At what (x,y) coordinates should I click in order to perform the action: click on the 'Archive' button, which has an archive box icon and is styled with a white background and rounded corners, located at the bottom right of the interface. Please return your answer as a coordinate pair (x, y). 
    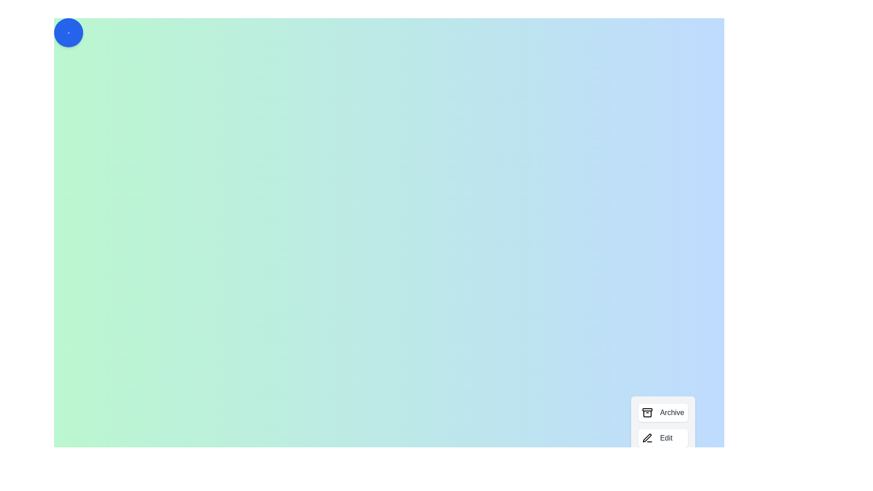
    Looking at the image, I should click on (663, 412).